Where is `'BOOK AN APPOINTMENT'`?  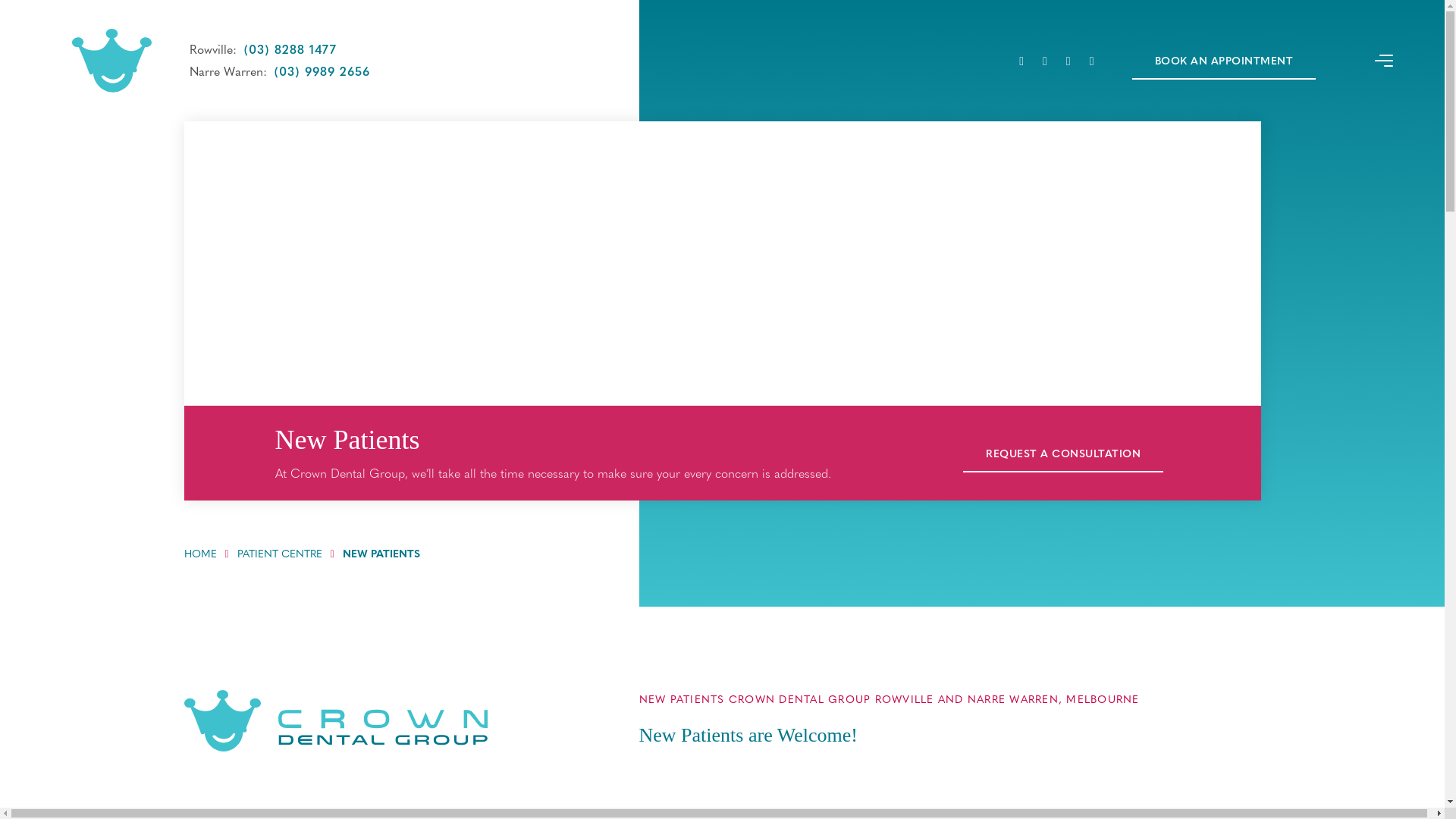
'BOOK AN APPOINTMENT' is located at coordinates (1131, 60).